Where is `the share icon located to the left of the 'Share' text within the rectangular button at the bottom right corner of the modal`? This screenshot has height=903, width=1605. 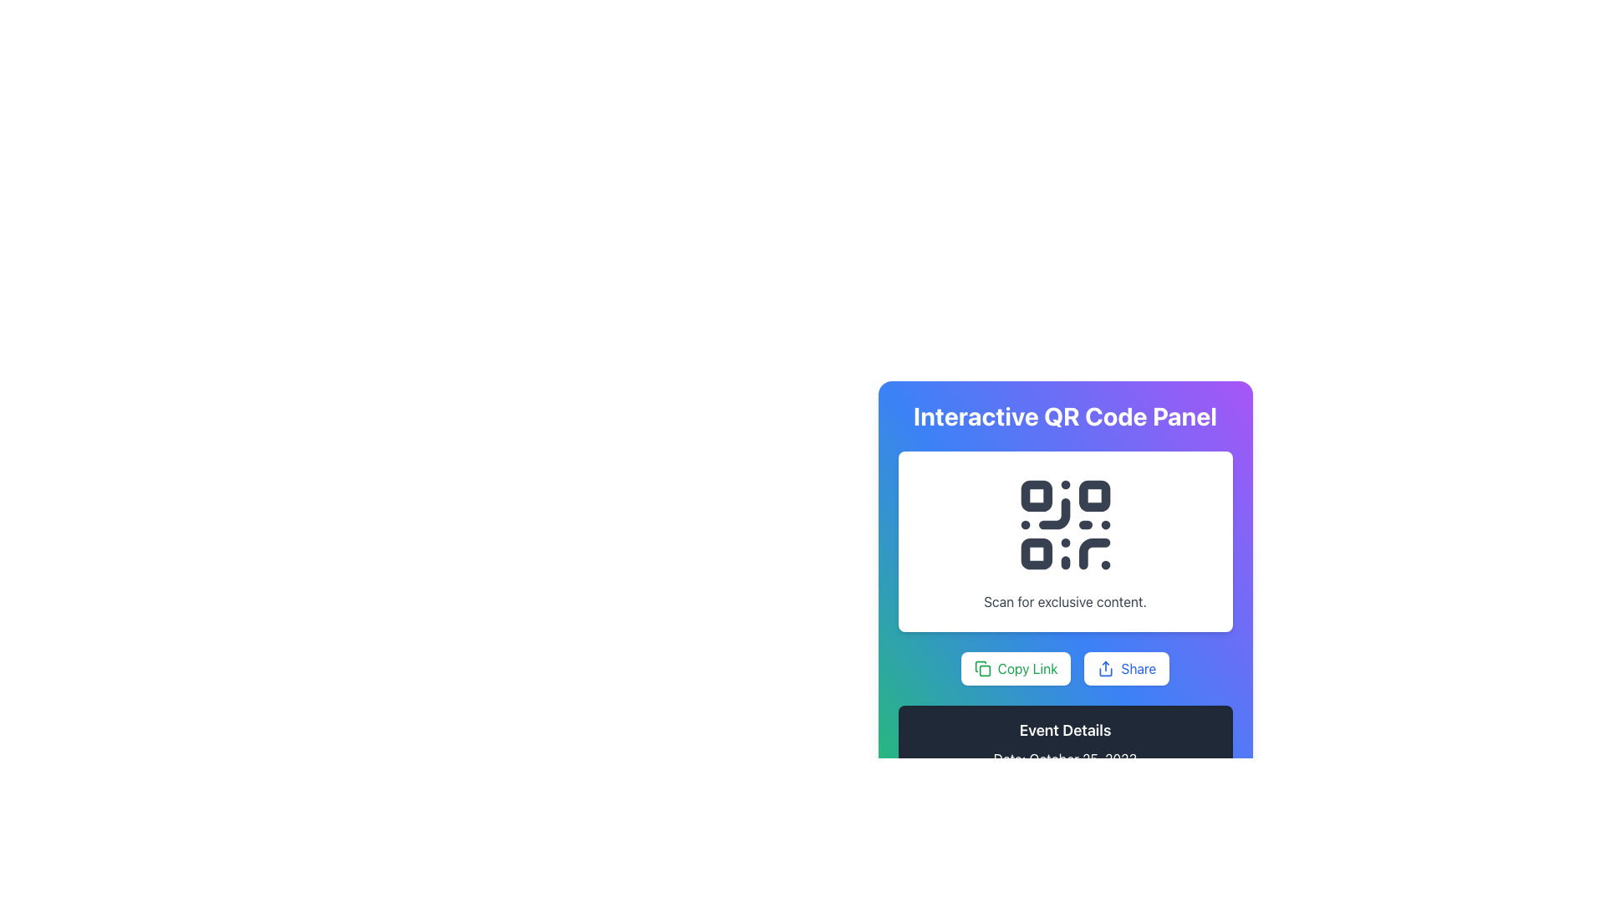 the share icon located to the left of the 'Share' text within the rectangular button at the bottom right corner of the modal is located at coordinates (1106, 667).